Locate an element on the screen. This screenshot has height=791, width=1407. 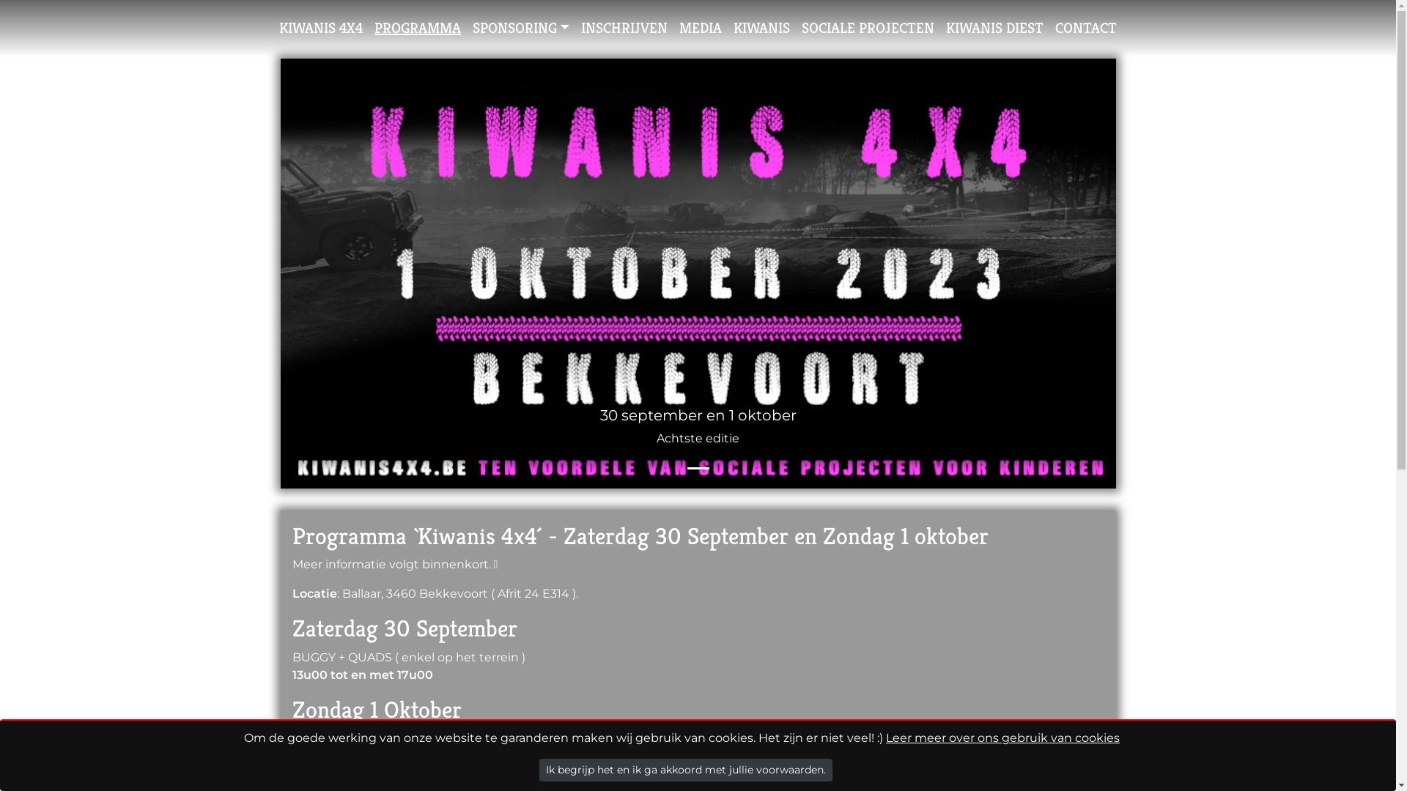
'SPONSORING' is located at coordinates (520, 28).